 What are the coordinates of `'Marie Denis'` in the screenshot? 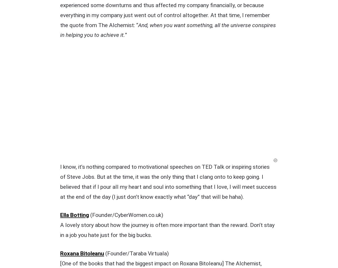 It's located at (74, 182).